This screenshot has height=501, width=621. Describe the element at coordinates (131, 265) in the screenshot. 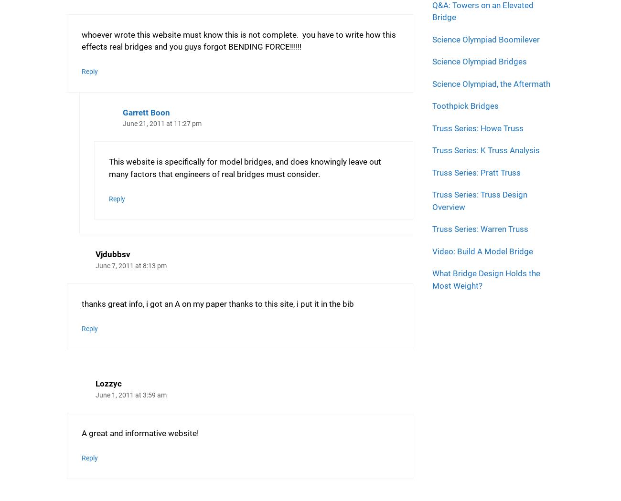

I see `'June 7, 2011 at 8:13 pm'` at that location.